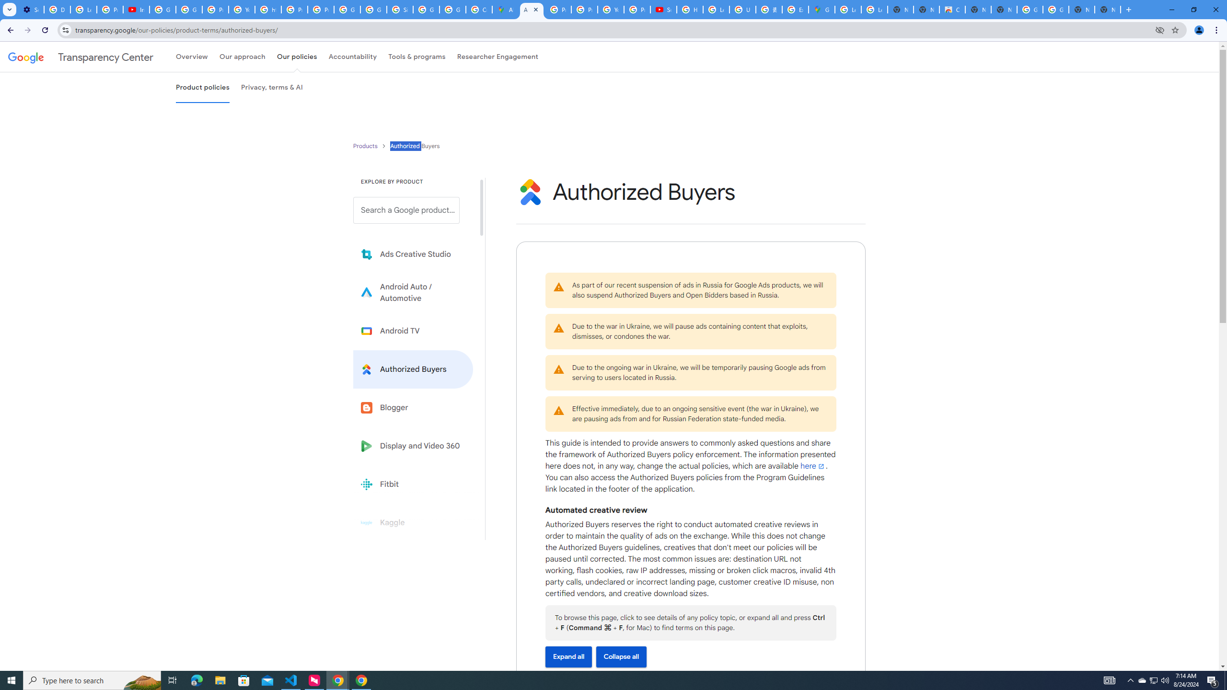 This screenshot has width=1227, height=690. I want to click on 'Blogger', so click(413, 407).